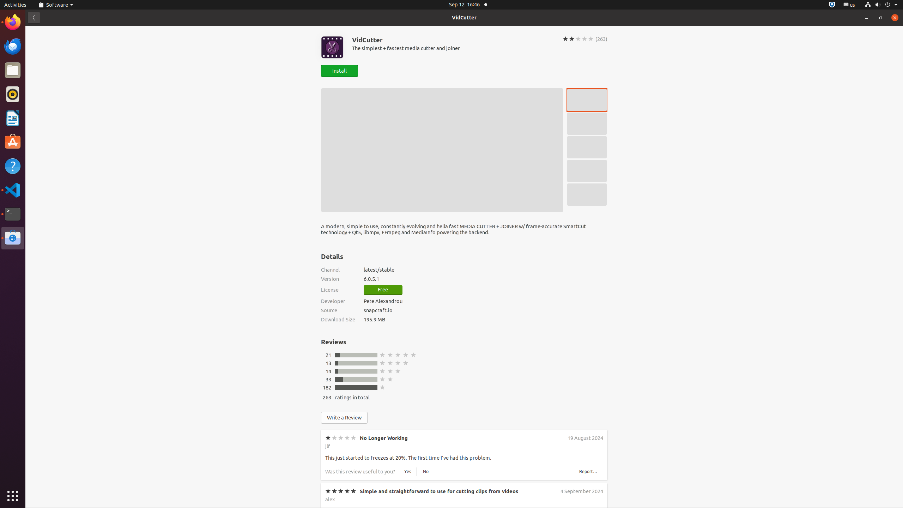 This screenshot has height=508, width=903. I want to click on 'Software', so click(13, 238).